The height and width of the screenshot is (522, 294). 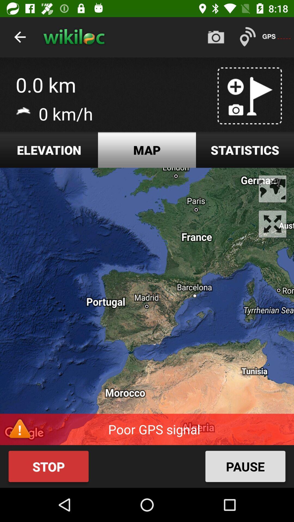 What do you see at coordinates (245, 466) in the screenshot?
I see `item next to the stop icon` at bounding box center [245, 466].